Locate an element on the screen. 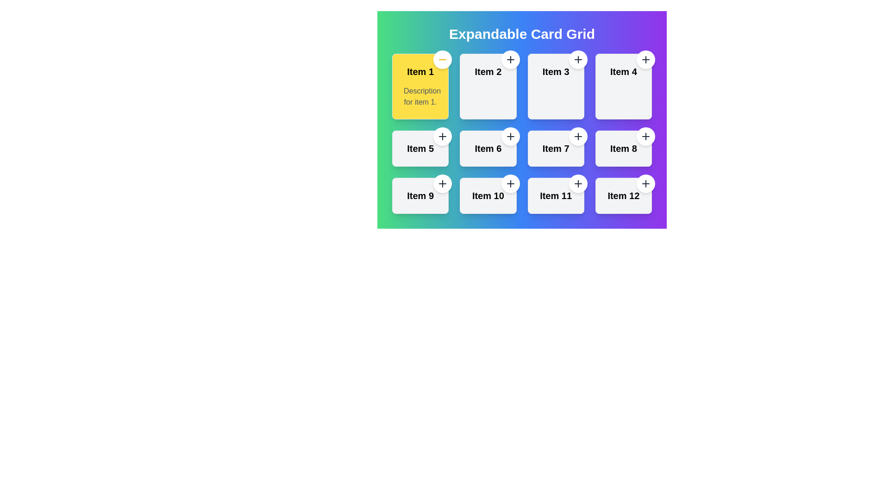  the circular button with a '+' icon located at the top-right corner of the card labeled 'Item 11' is located at coordinates (577, 184).